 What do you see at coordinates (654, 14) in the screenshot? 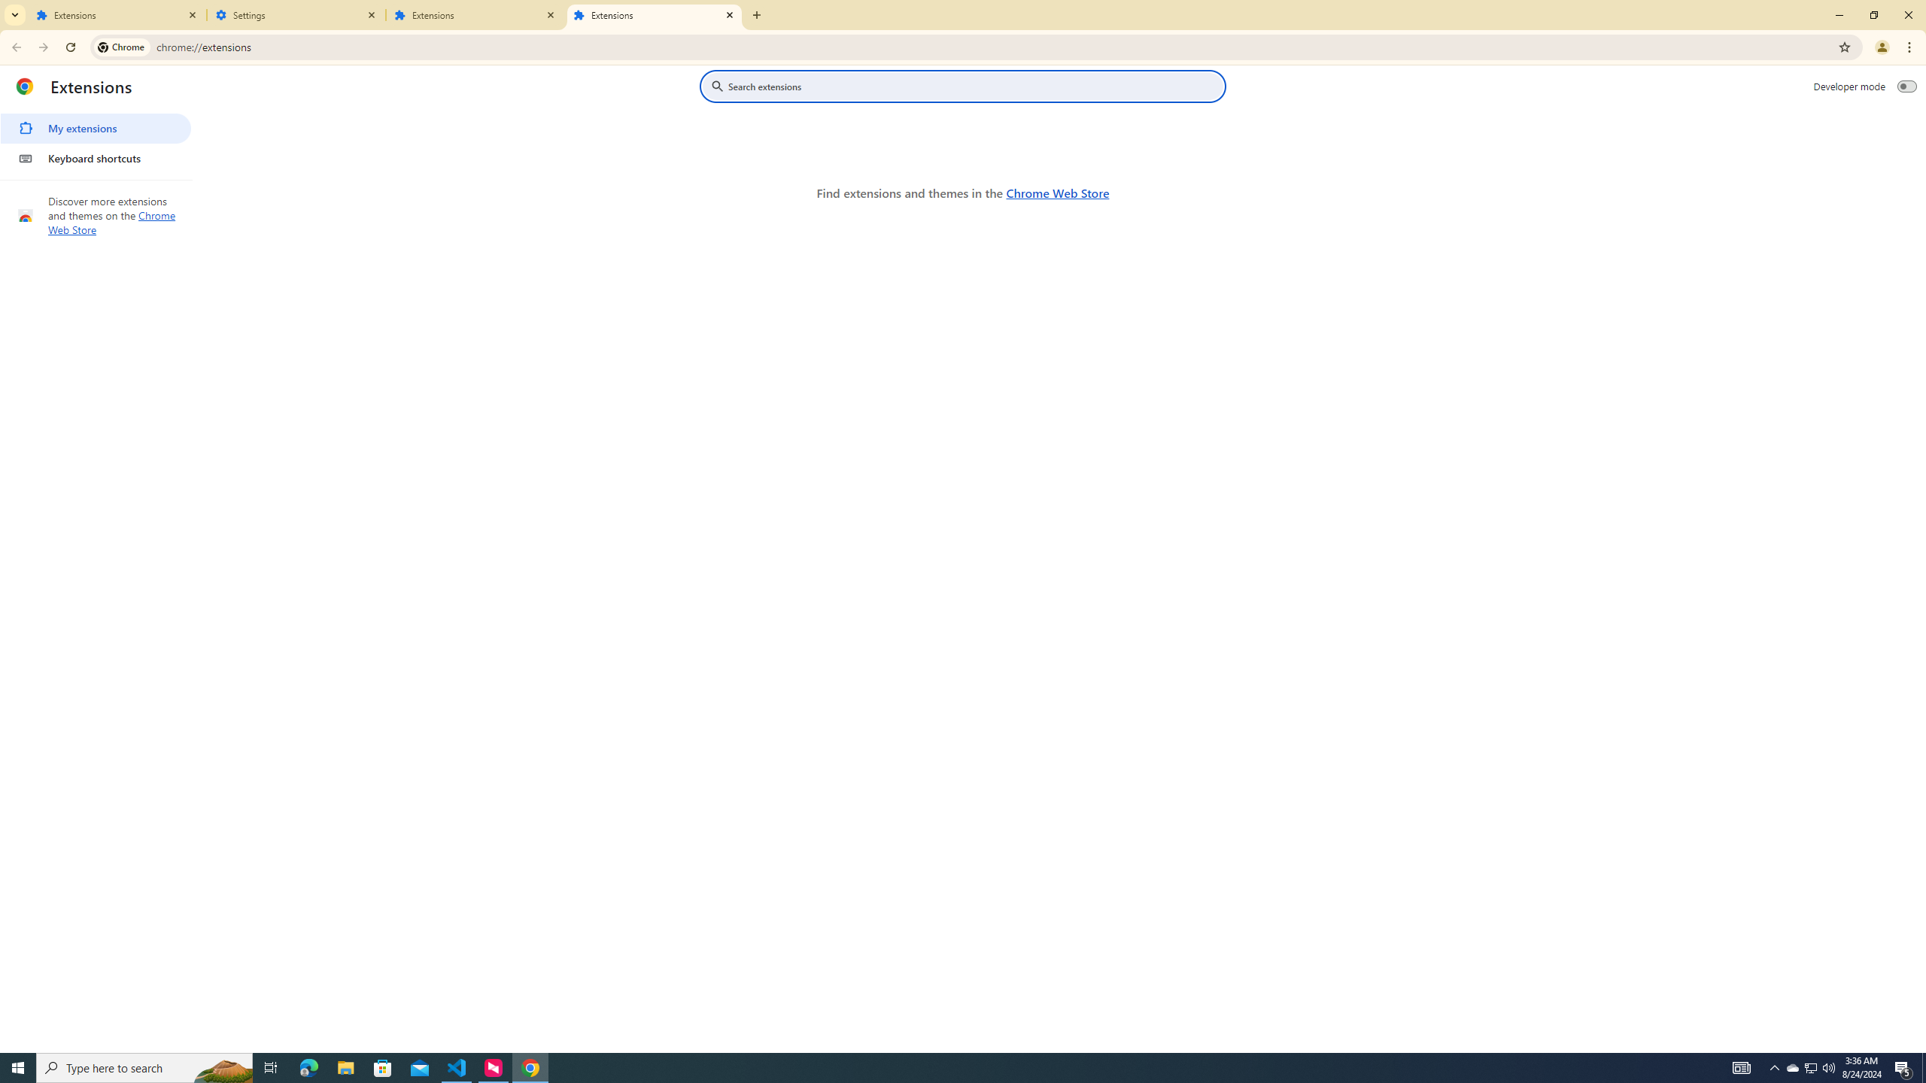
I see `'Extensions'` at bounding box center [654, 14].